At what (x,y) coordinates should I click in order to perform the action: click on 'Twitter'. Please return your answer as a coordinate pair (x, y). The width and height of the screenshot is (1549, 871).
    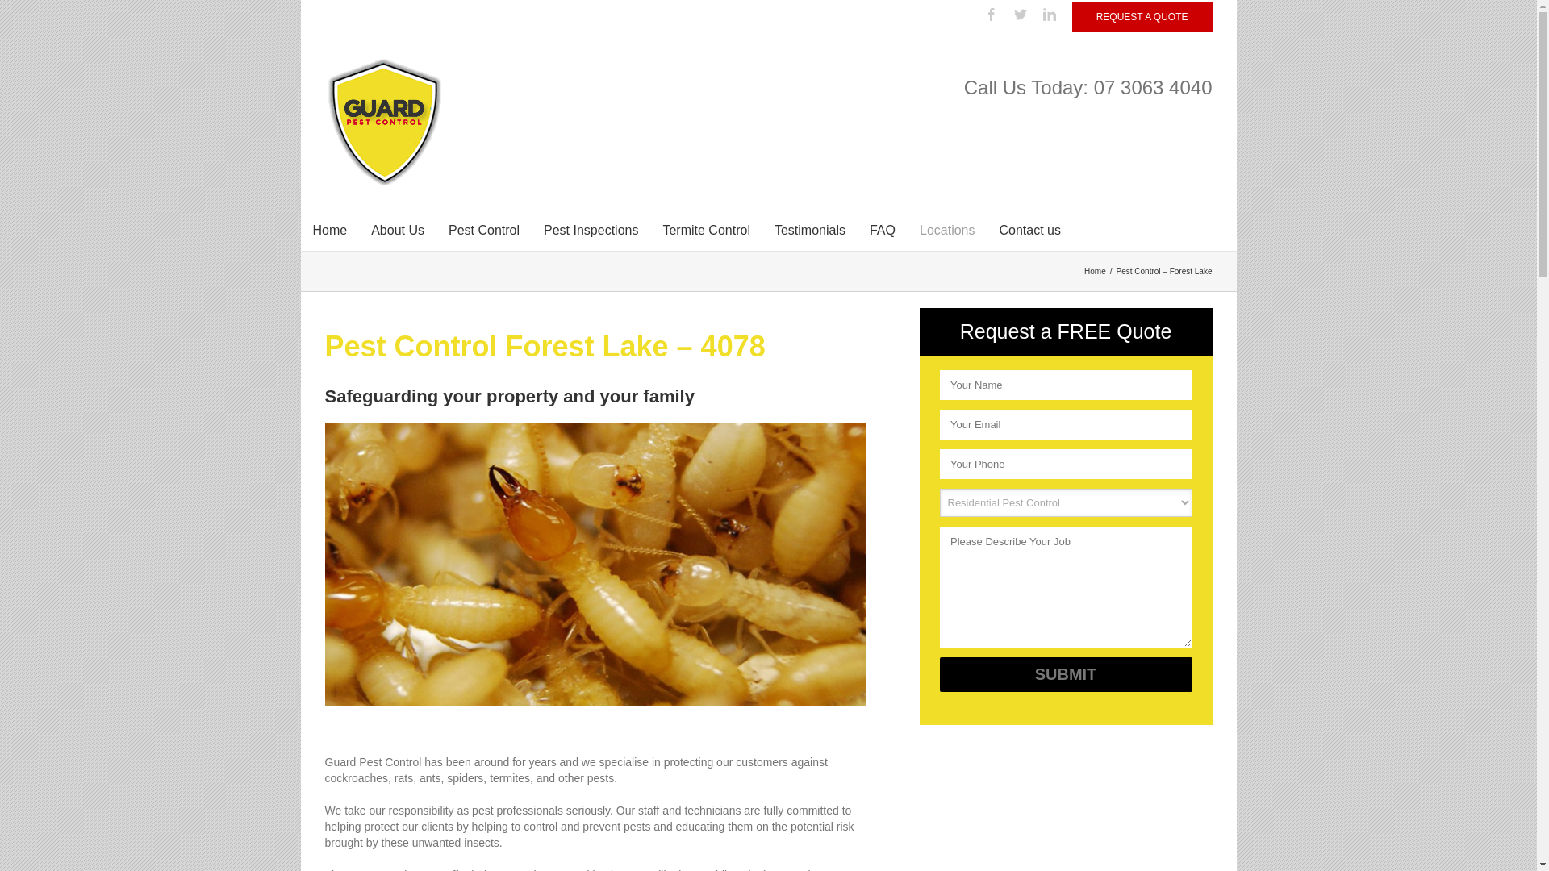
    Looking at the image, I should click on (1020, 15).